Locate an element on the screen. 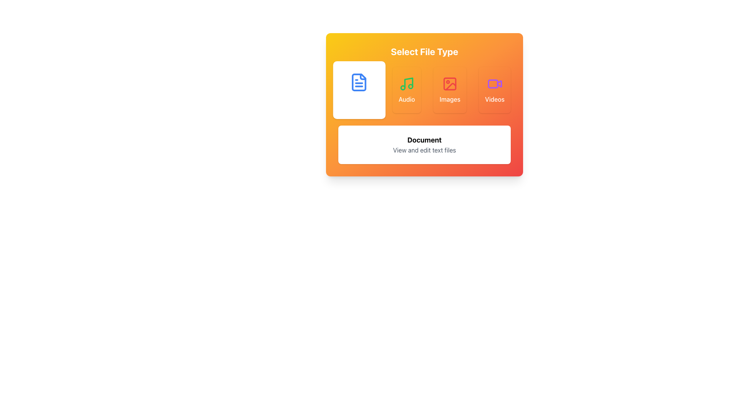 This screenshot has width=739, height=416. the Interactive Button labeled 'Audio' which has a green music note icon, located to the right of the 'Document' button and to the left of the 'Images' button is located at coordinates (406, 90).